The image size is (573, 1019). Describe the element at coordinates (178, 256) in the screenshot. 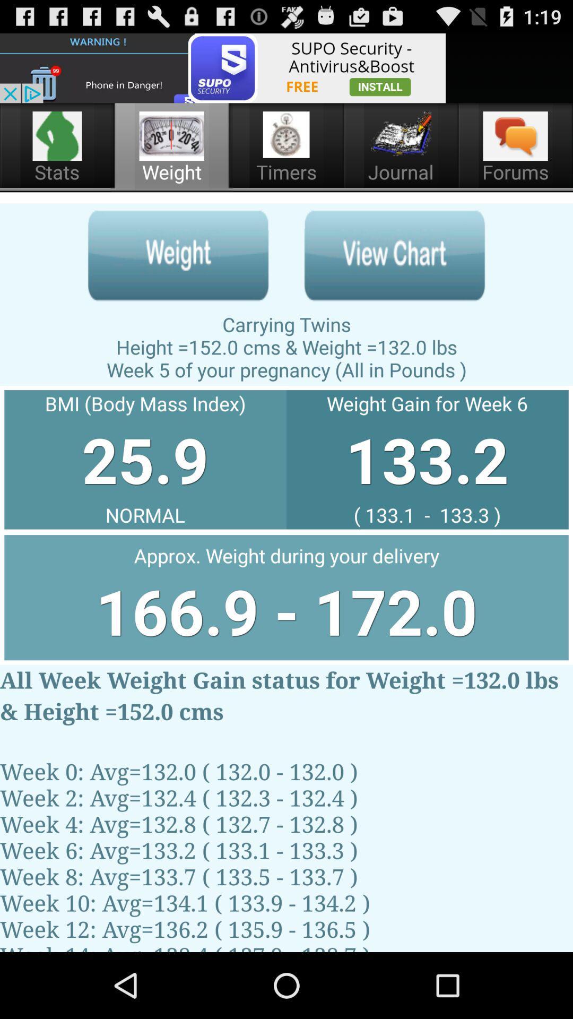

I see `weight` at that location.